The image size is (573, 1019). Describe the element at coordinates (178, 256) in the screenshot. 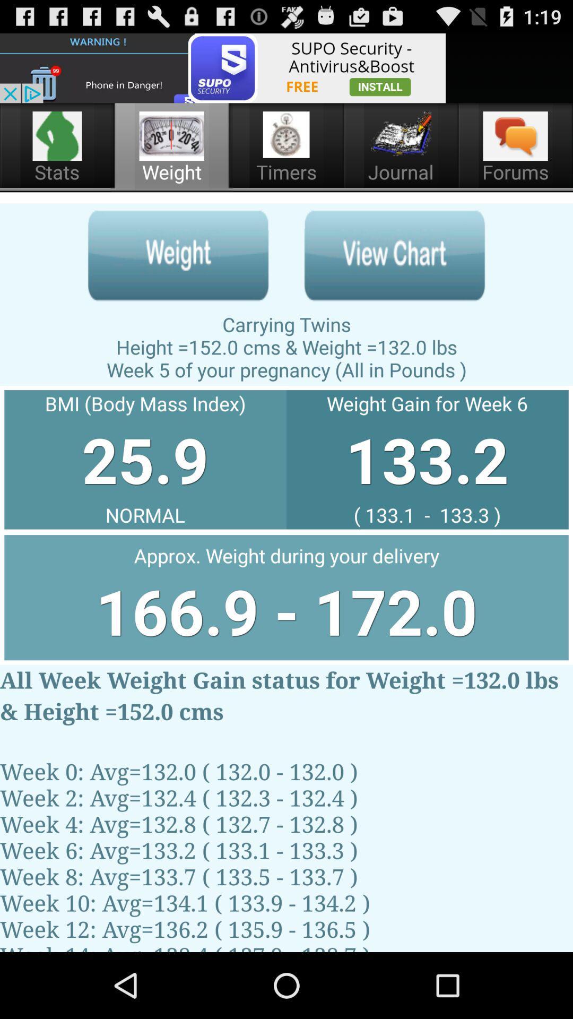

I see `weight` at that location.